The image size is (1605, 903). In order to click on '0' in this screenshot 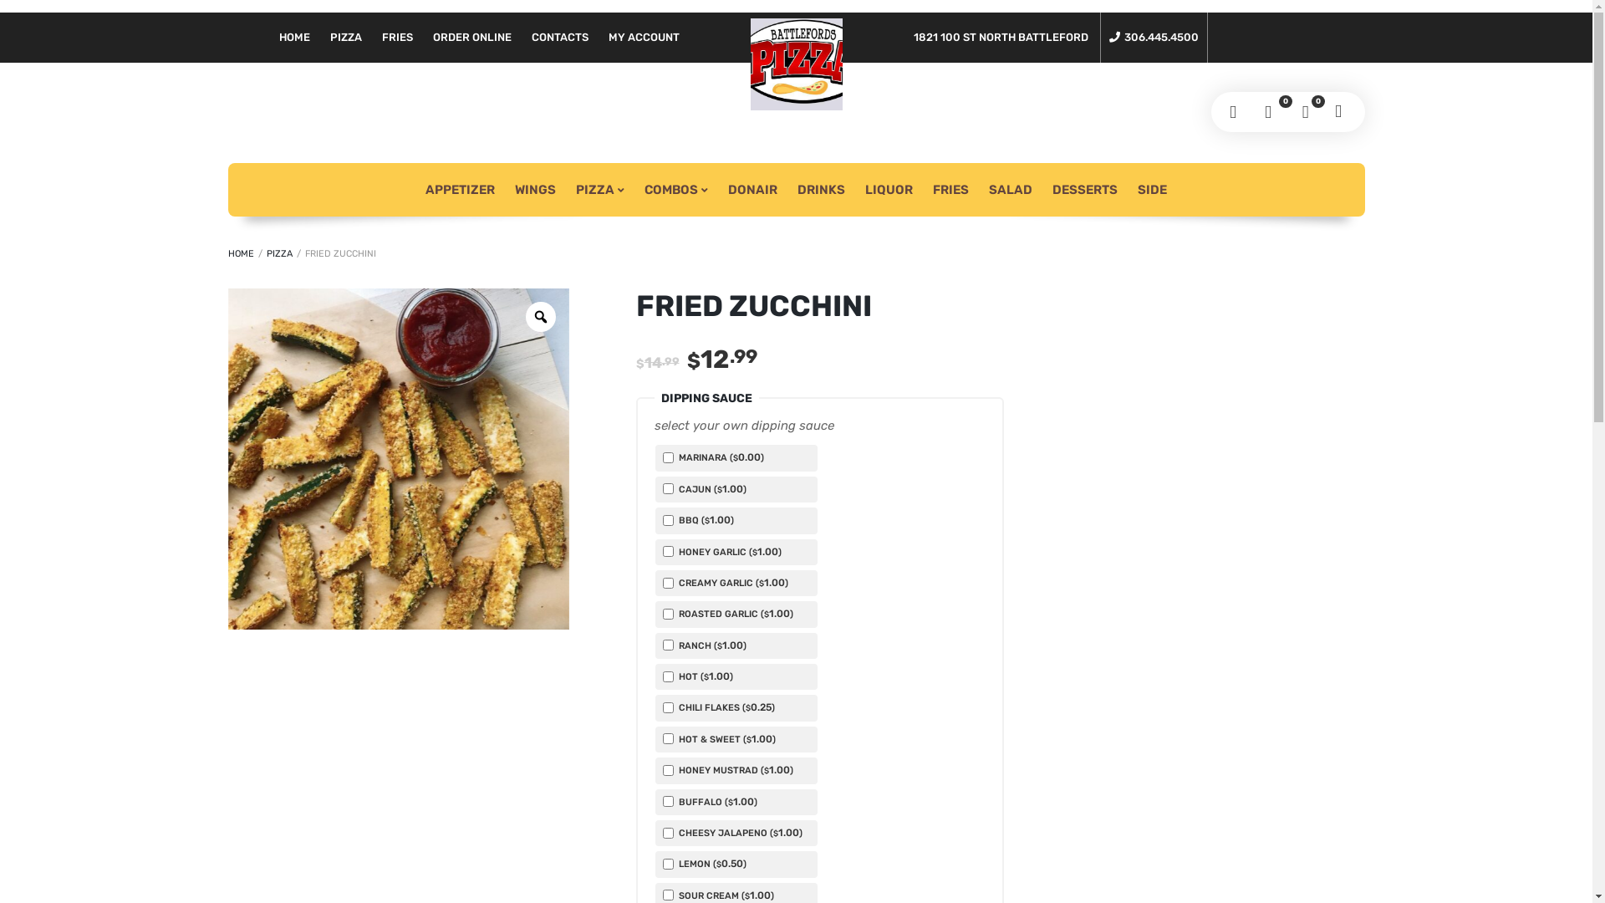, I will do `click(1304, 112)`.